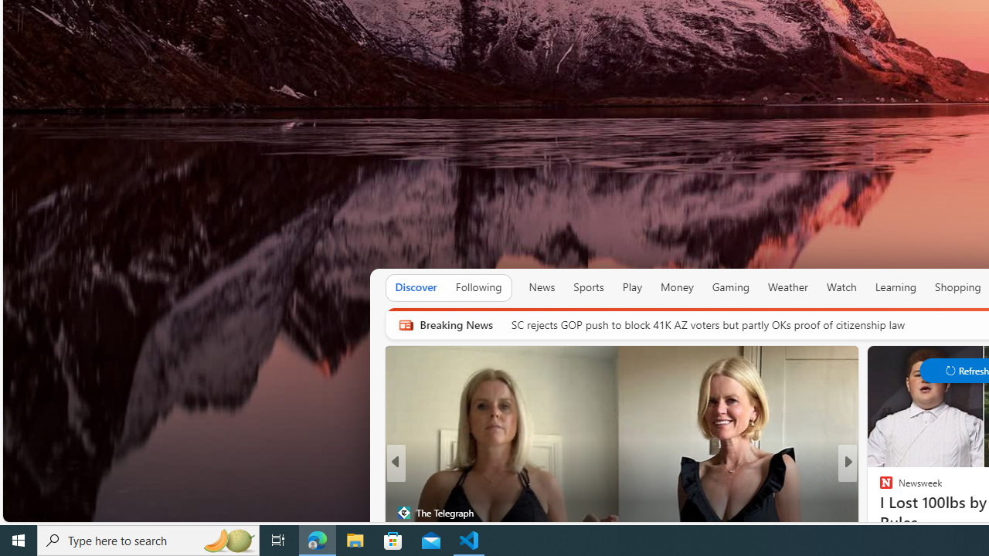  Describe the element at coordinates (542, 286) in the screenshot. I see `'News'` at that location.